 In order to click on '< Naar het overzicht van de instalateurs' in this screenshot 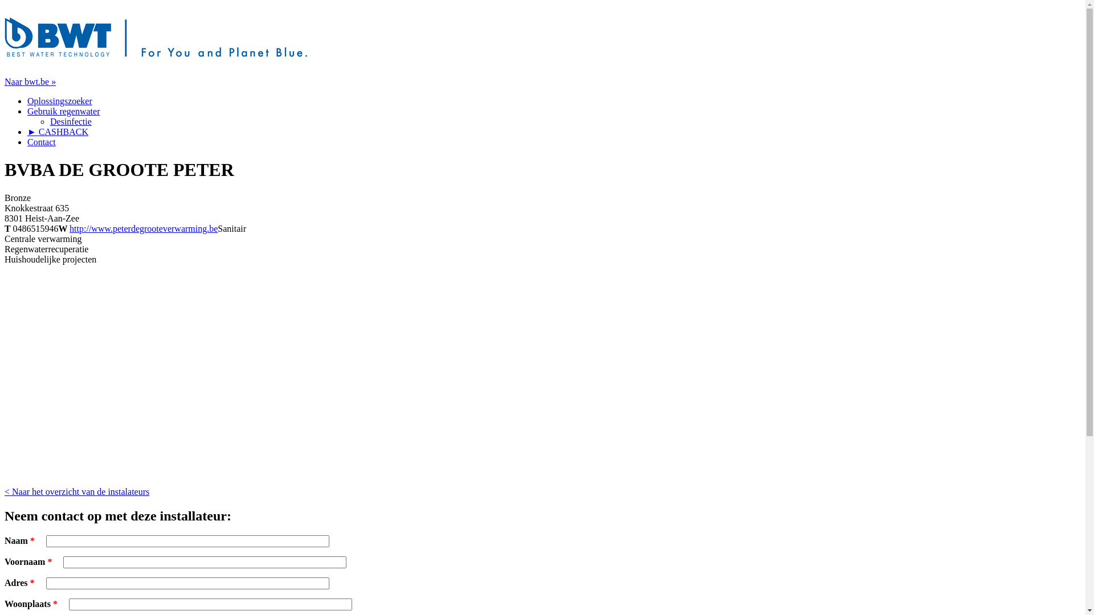, I will do `click(76, 491)`.